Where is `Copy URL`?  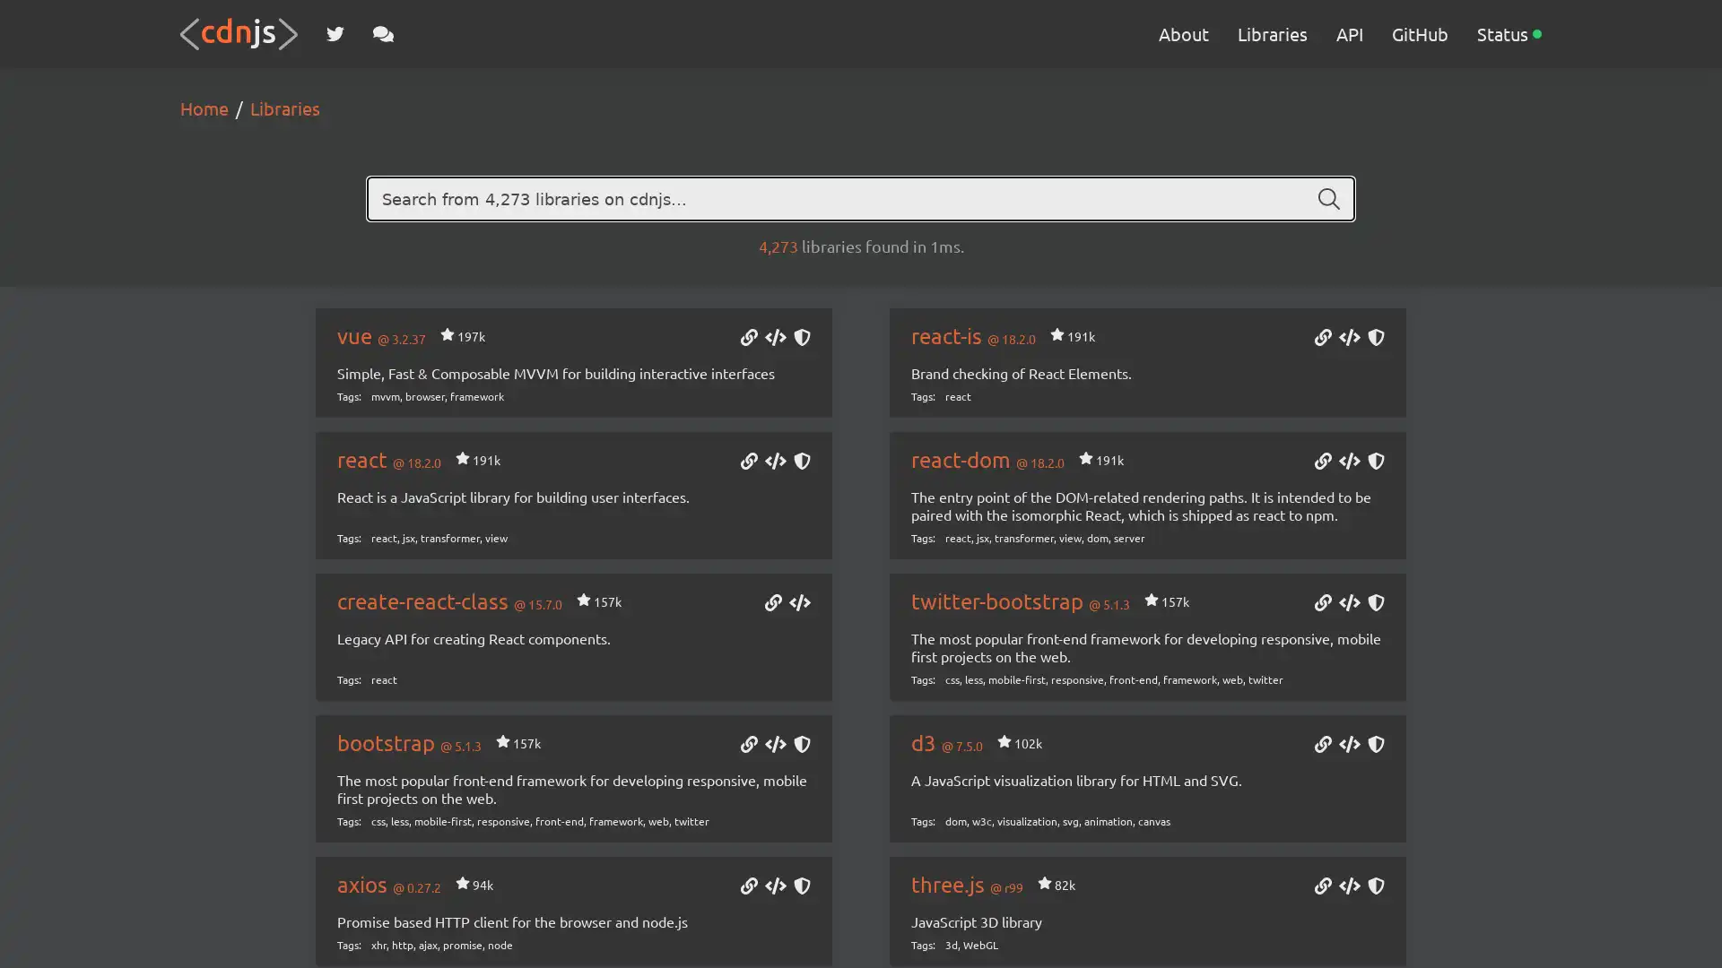
Copy URL is located at coordinates (773, 604).